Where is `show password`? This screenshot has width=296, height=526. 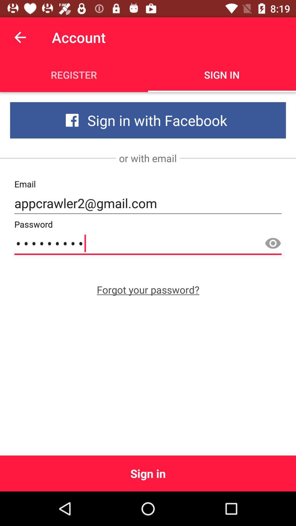
show password is located at coordinates (273, 243).